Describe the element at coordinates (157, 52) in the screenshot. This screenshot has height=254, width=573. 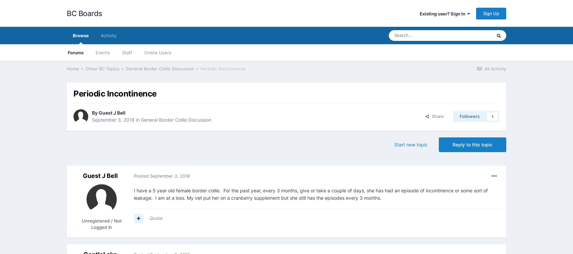
I see `'Online Users'` at that location.